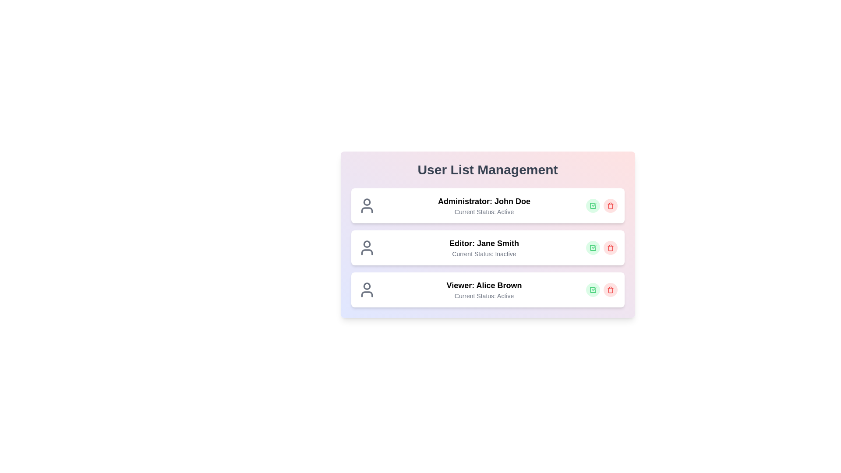 The height and width of the screenshot is (473, 841). What do you see at coordinates (593, 248) in the screenshot?
I see `the approval button with a light green background and check mark icon, located to the right of 'Editor: Jane Smith' in the user list management area` at bounding box center [593, 248].